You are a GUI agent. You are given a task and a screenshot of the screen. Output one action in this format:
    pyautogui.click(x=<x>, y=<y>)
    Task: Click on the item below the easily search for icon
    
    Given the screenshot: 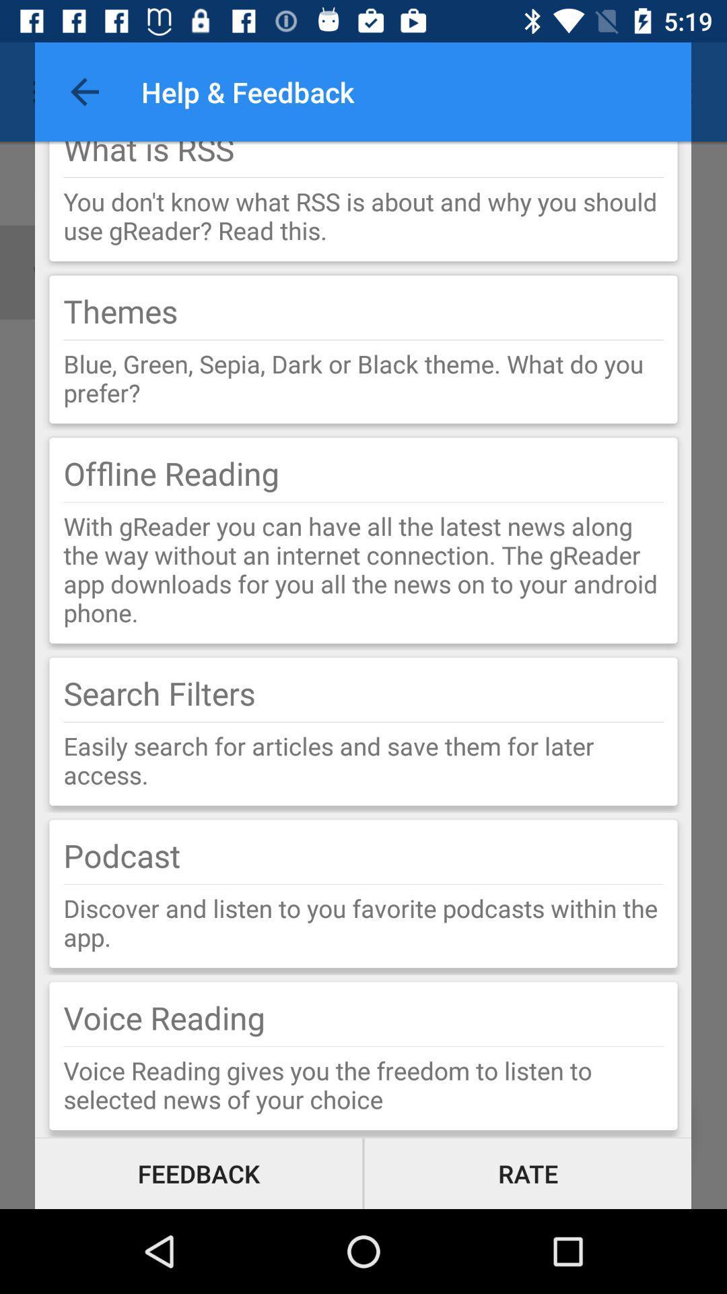 What is the action you would take?
    pyautogui.click(x=122, y=855)
    